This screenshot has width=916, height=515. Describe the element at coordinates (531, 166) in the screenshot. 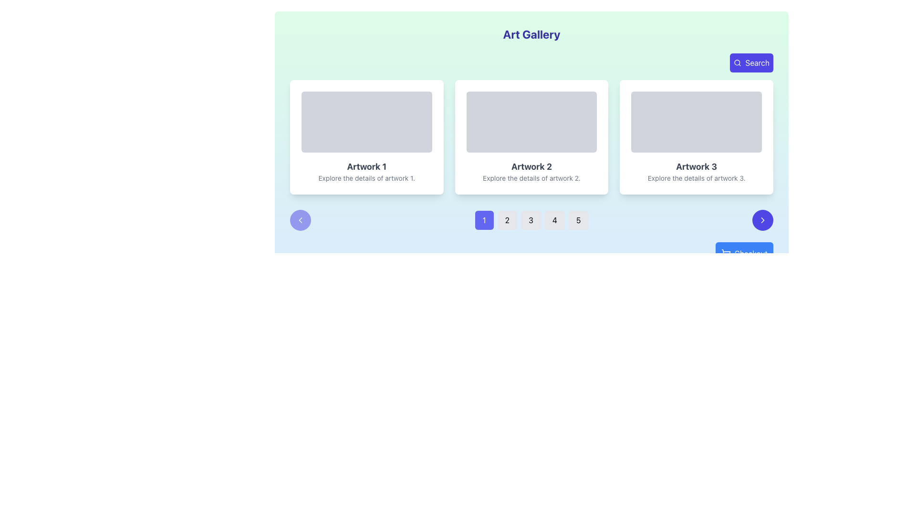

I see `the title text label of the artwork in the second card, which is positioned between a gray rectangle above and descriptive text below` at that location.